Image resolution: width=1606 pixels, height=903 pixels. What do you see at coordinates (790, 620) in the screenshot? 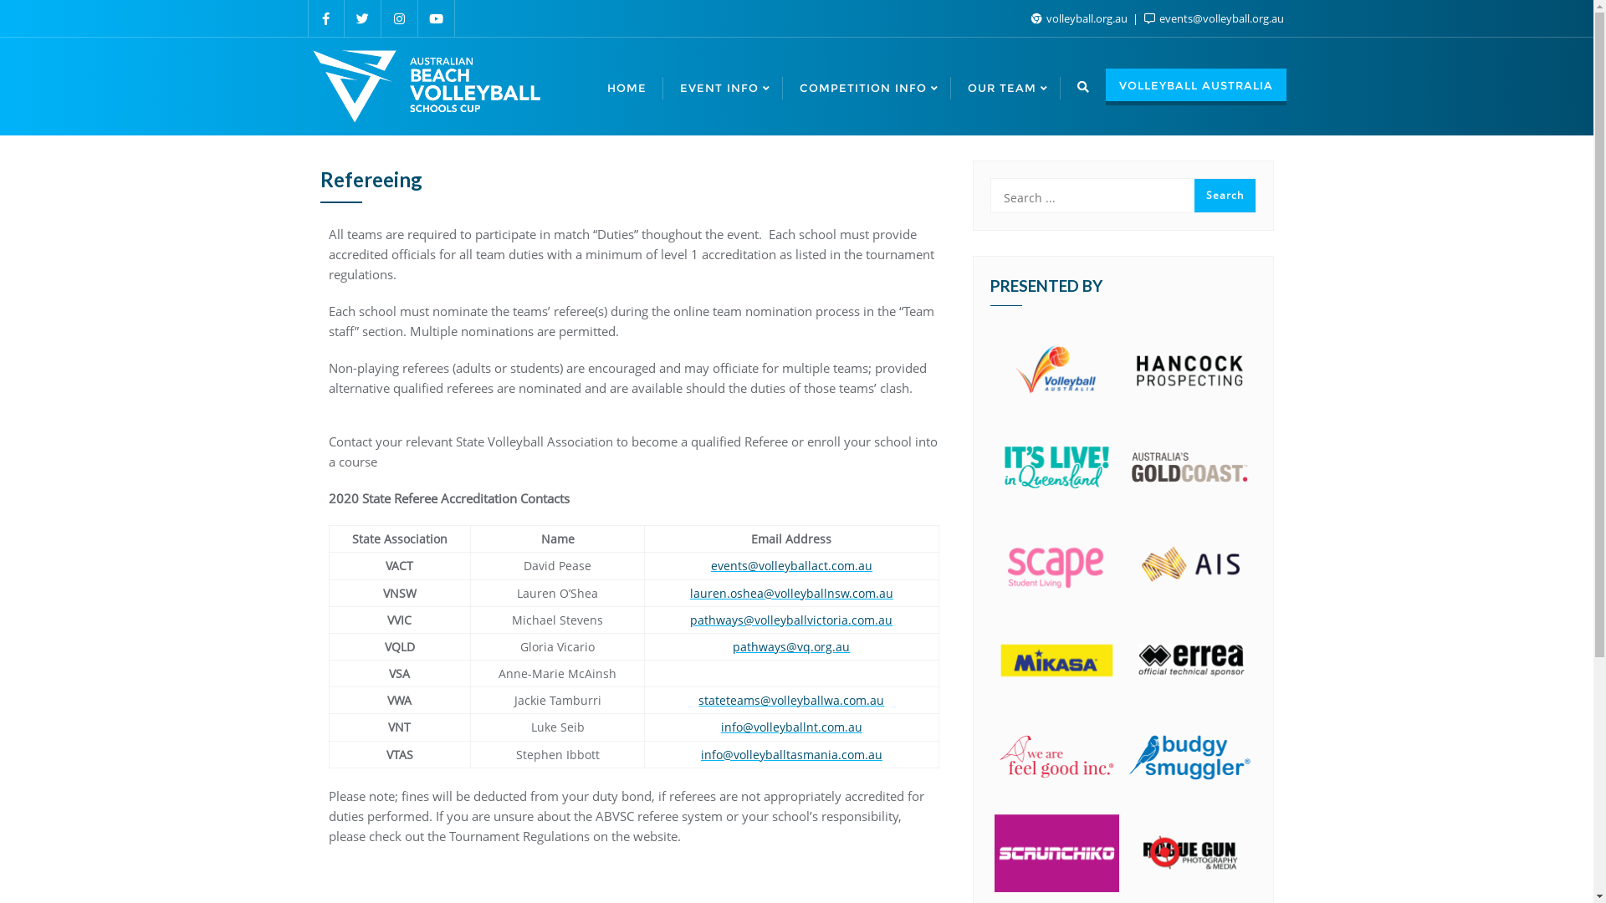
I see `'pathways@volleyballvictoria.com.au'` at bounding box center [790, 620].